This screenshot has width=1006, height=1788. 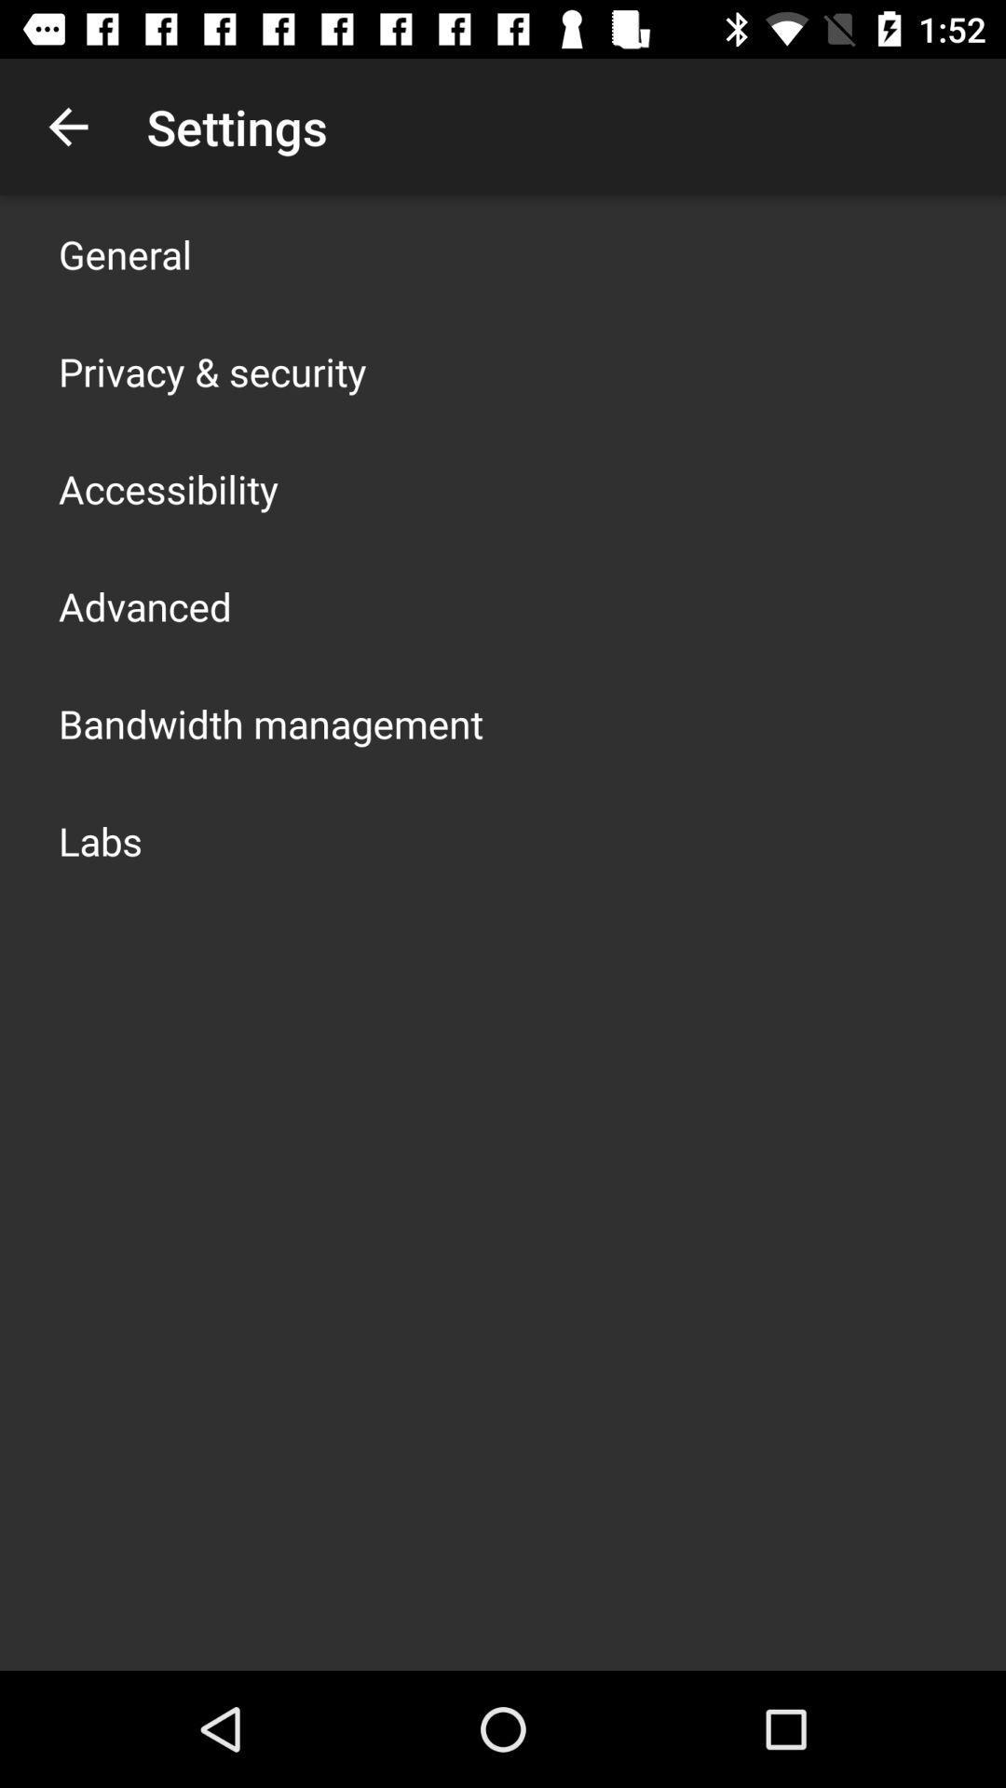 I want to click on the app next to the settings, so click(x=67, y=126).